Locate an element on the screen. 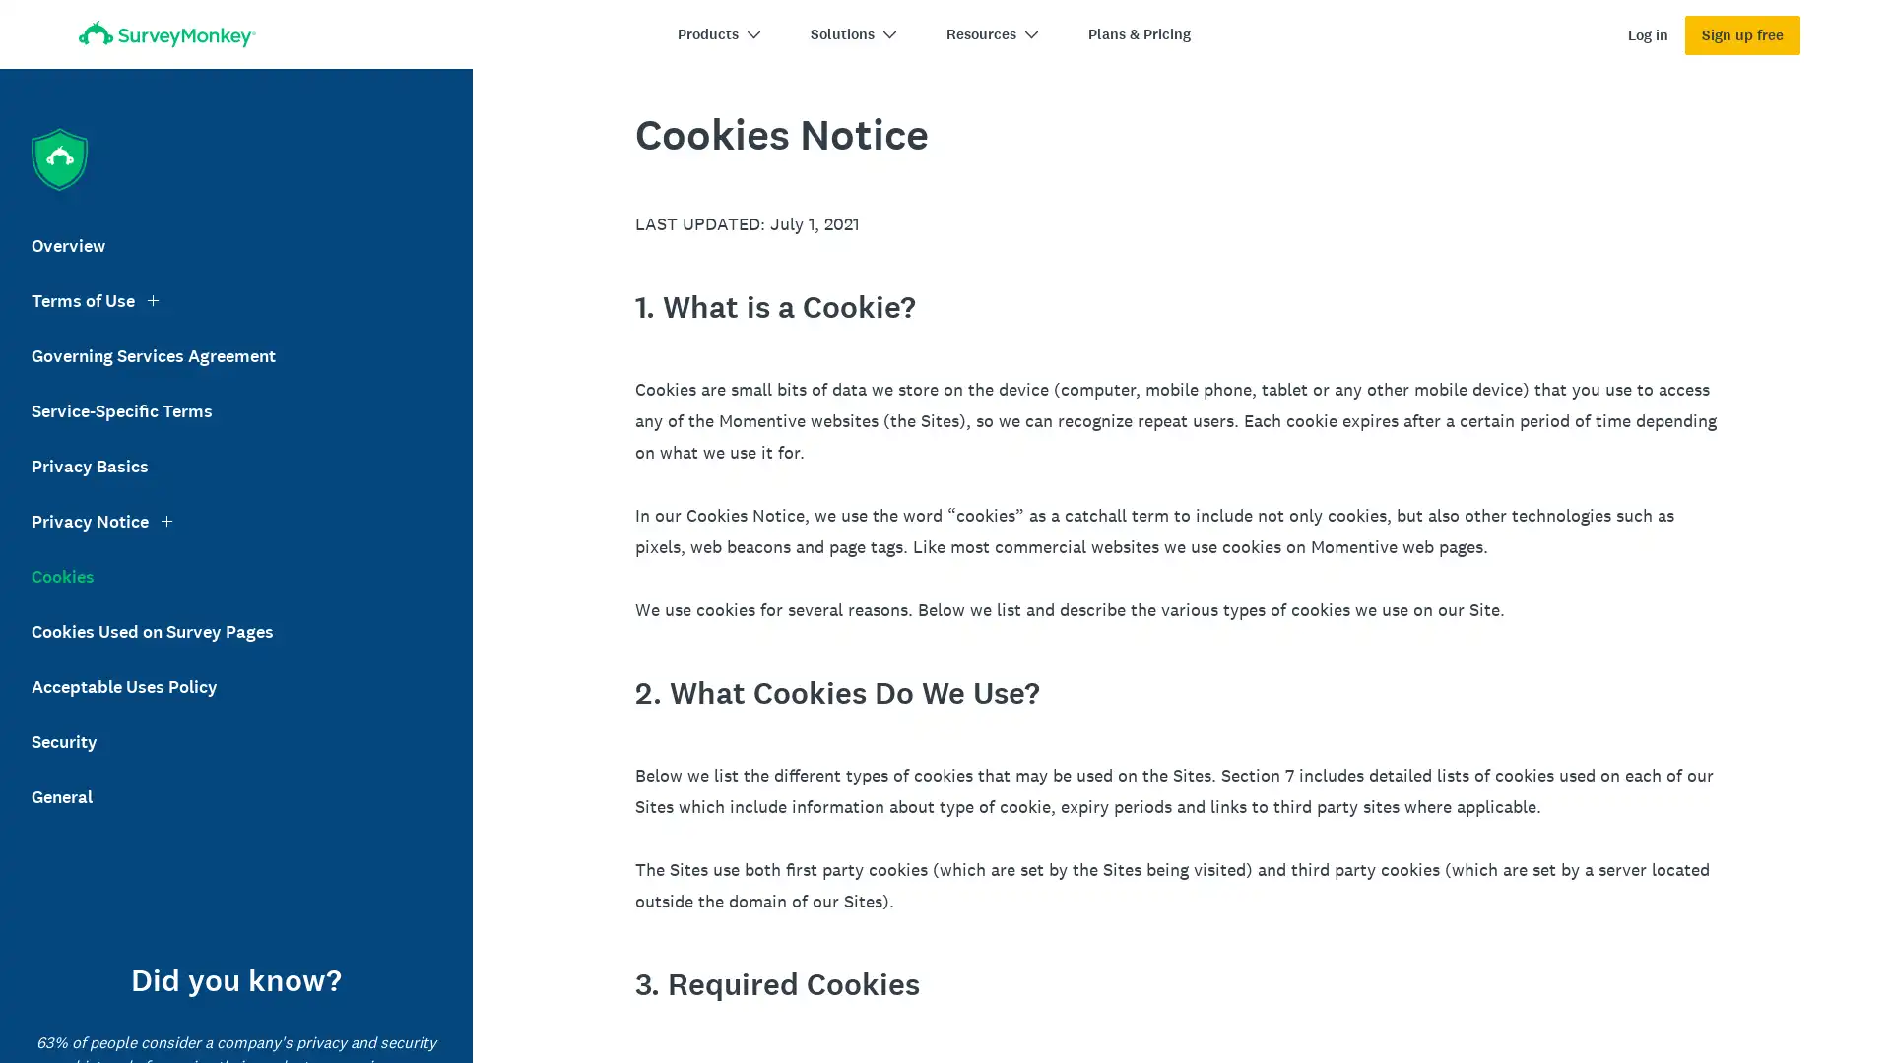 The height and width of the screenshot is (1063, 1891). Solutions chevron-down is located at coordinates (852, 33).